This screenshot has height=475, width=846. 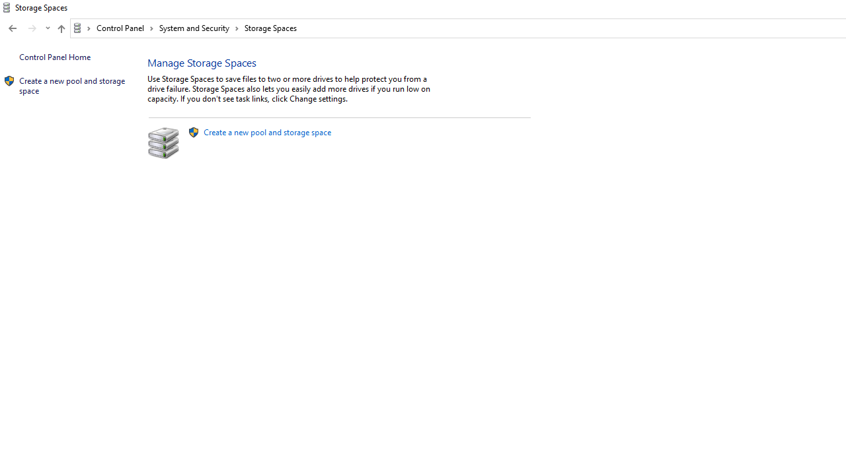 What do you see at coordinates (198, 28) in the screenshot?
I see `'System and Security'` at bounding box center [198, 28].